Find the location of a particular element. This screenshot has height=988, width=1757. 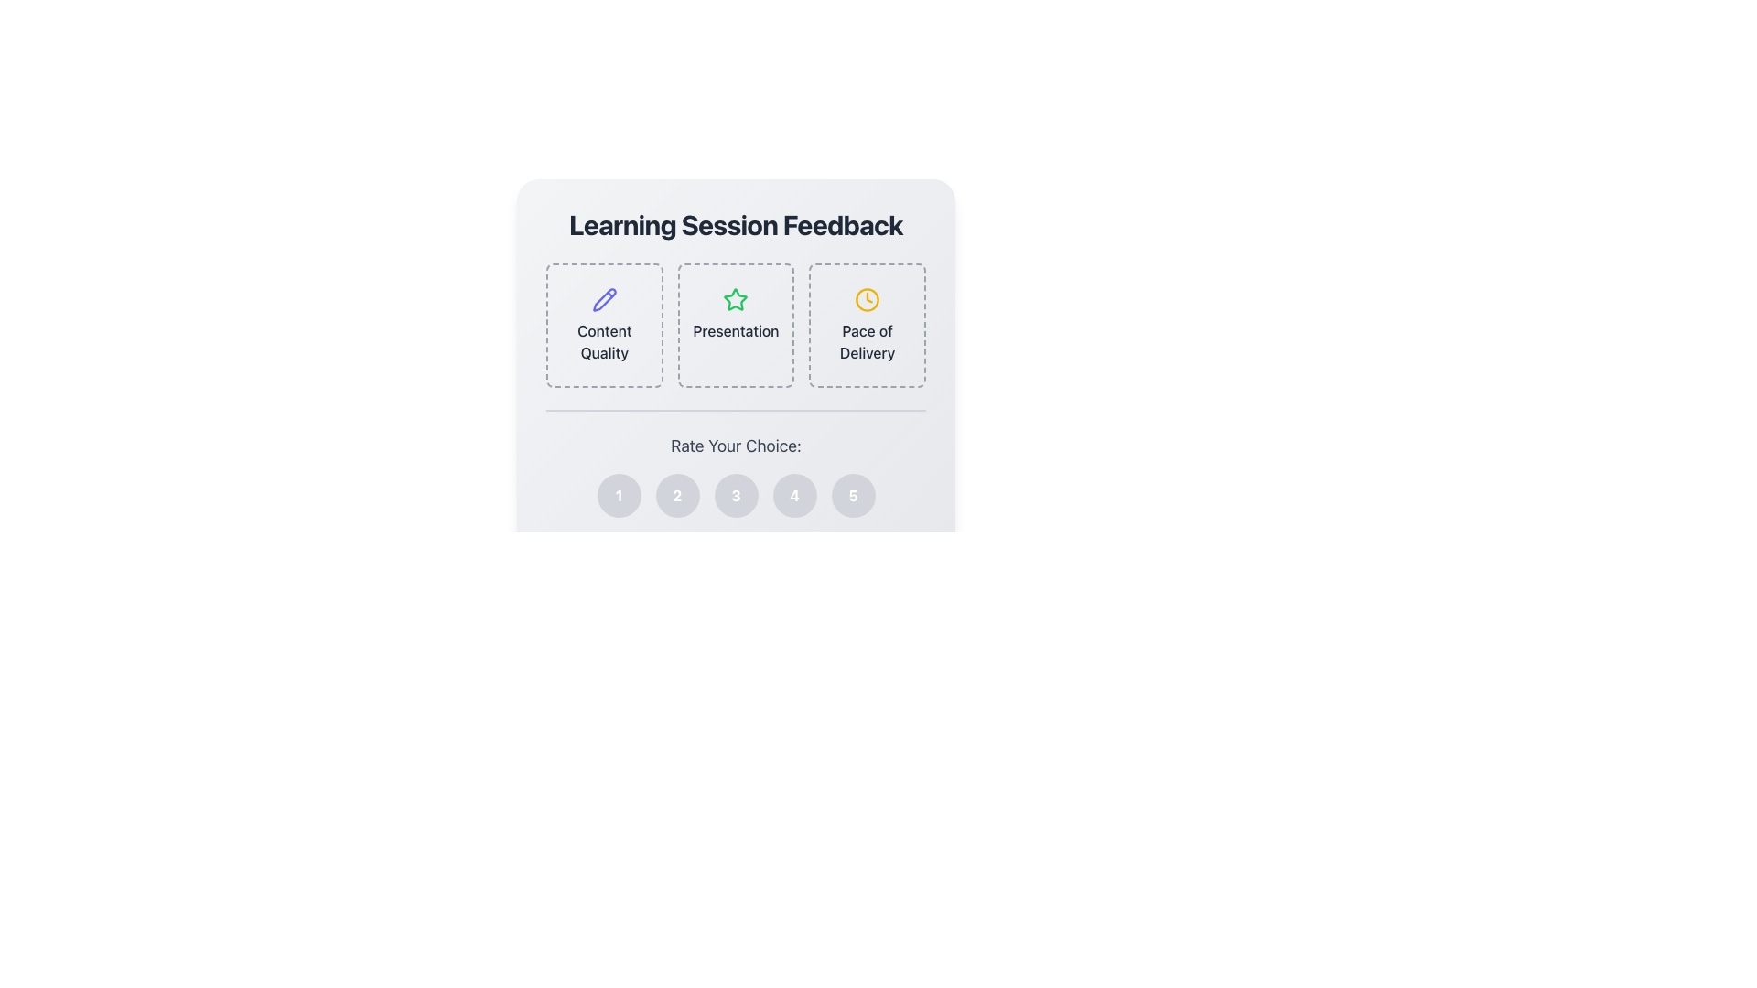

the text label that prompts 'Rate Your Choice:' which is styled in gray and positioned above the circular buttons numbered 1 to 5 is located at coordinates (736, 446).